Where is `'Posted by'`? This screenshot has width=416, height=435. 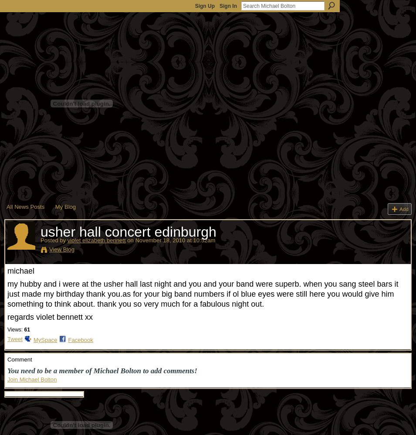 'Posted by' is located at coordinates (53, 240).